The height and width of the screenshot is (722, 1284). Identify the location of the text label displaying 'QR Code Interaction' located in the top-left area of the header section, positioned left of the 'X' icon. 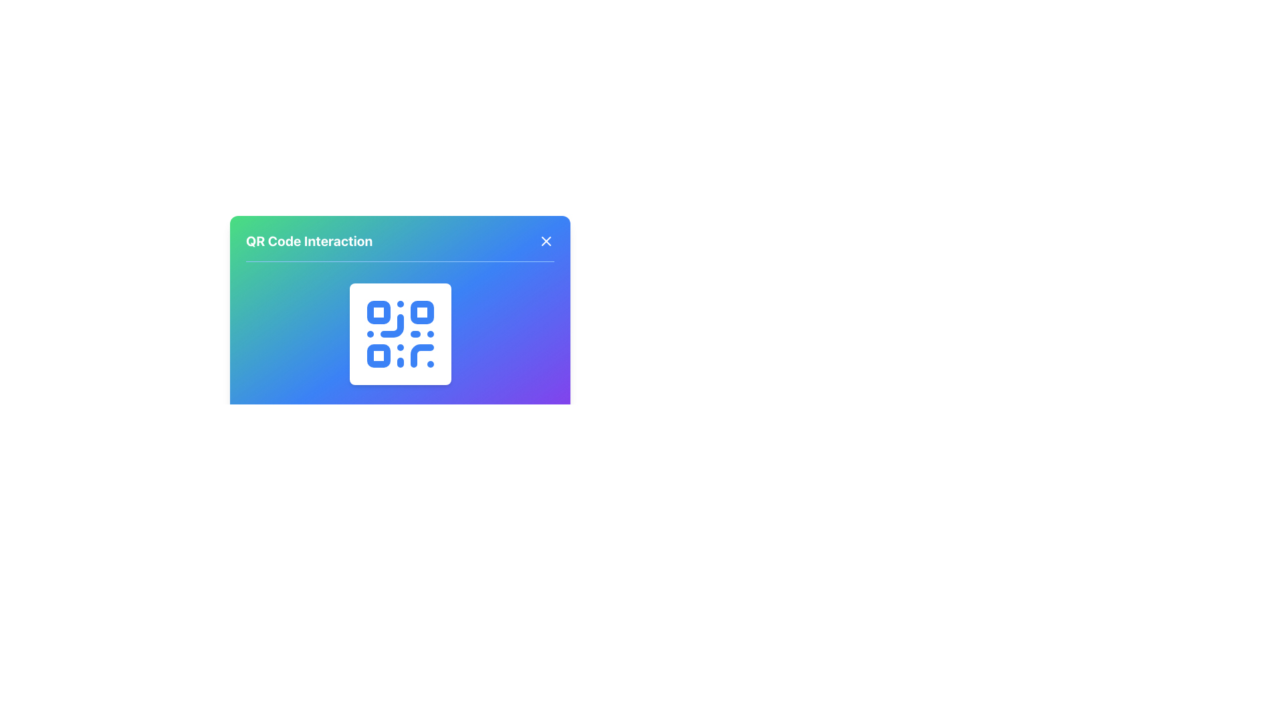
(308, 241).